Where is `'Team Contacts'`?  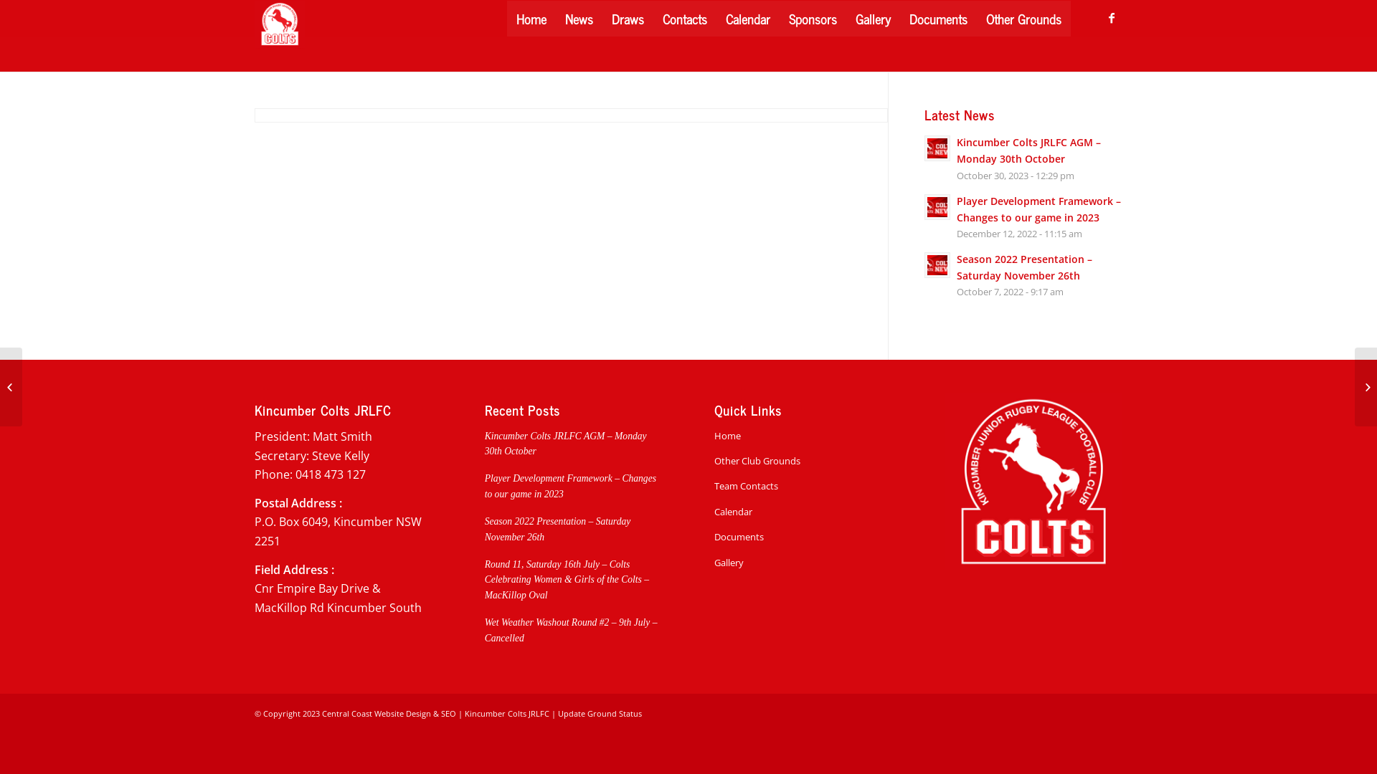 'Team Contacts' is located at coordinates (802, 485).